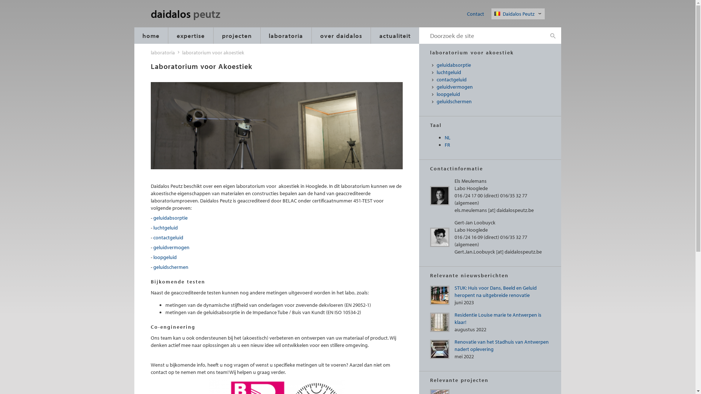 The width and height of the screenshot is (701, 394). What do you see at coordinates (170, 267) in the screenshot?
I see `'geluidschermen'` at bounding box center [170, 267].